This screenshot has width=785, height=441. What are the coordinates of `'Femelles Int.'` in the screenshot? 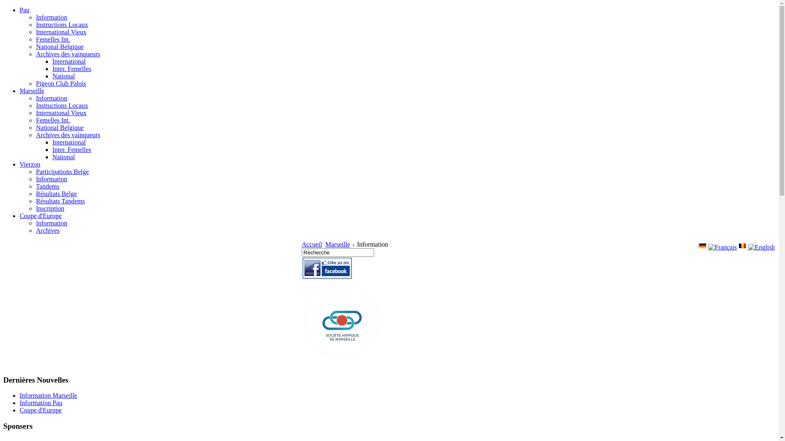 It's located at (52, 39).